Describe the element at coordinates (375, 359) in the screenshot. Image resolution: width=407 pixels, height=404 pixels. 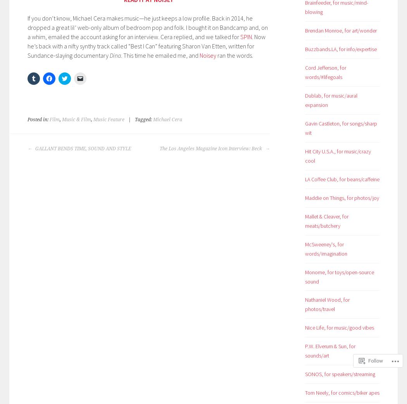
I see `'Follow'` at that location.